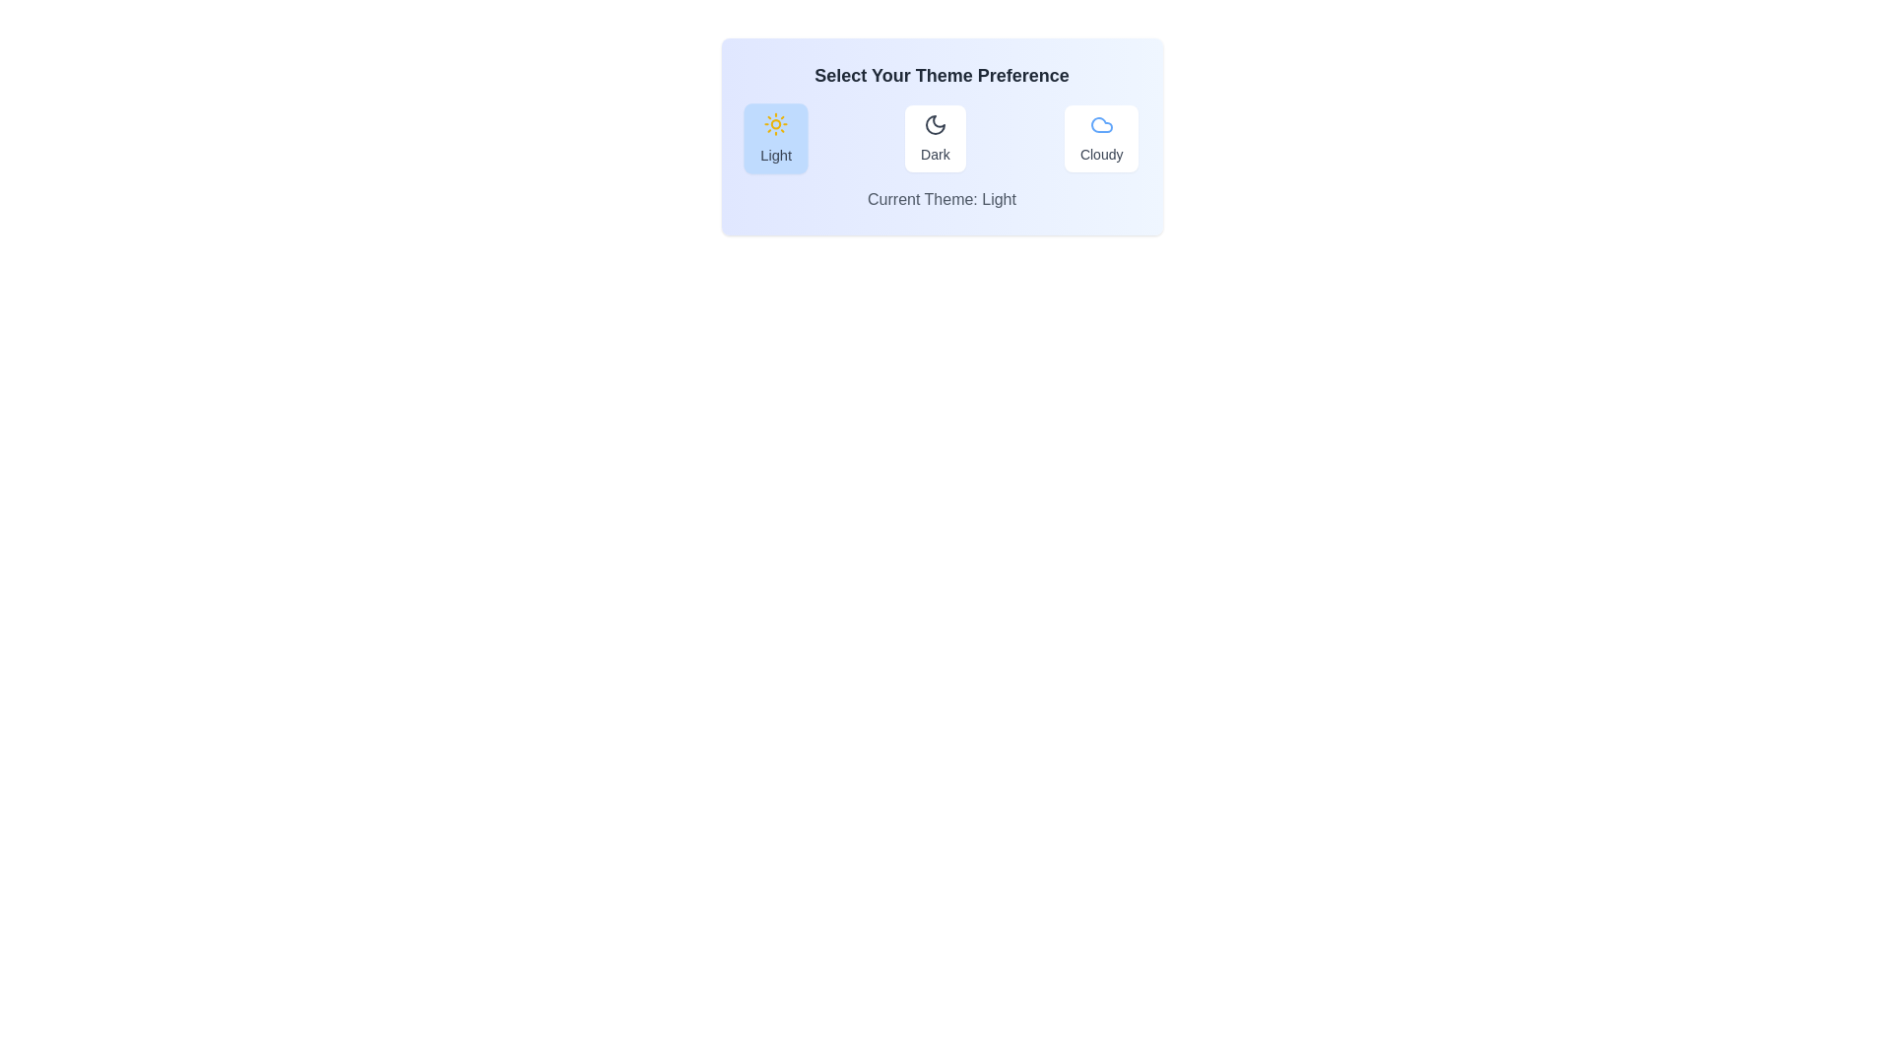 Image resolution: width=1891 pixels, height=1064 pixels. Describe the element at coordinates (1100, 125) in the screenshot. I see `the icon representing the Cloudy theme` at that location.